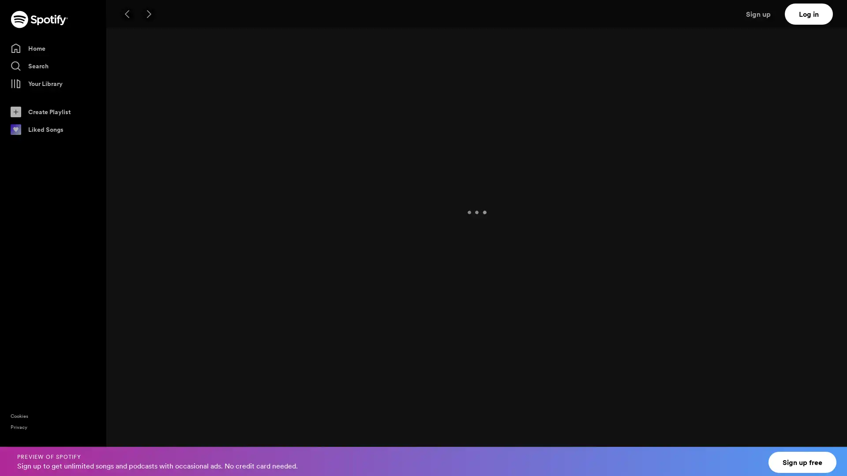  Describe the element at coordinates (630, 268) in the screenshot. I see `Play D&B` at that location.